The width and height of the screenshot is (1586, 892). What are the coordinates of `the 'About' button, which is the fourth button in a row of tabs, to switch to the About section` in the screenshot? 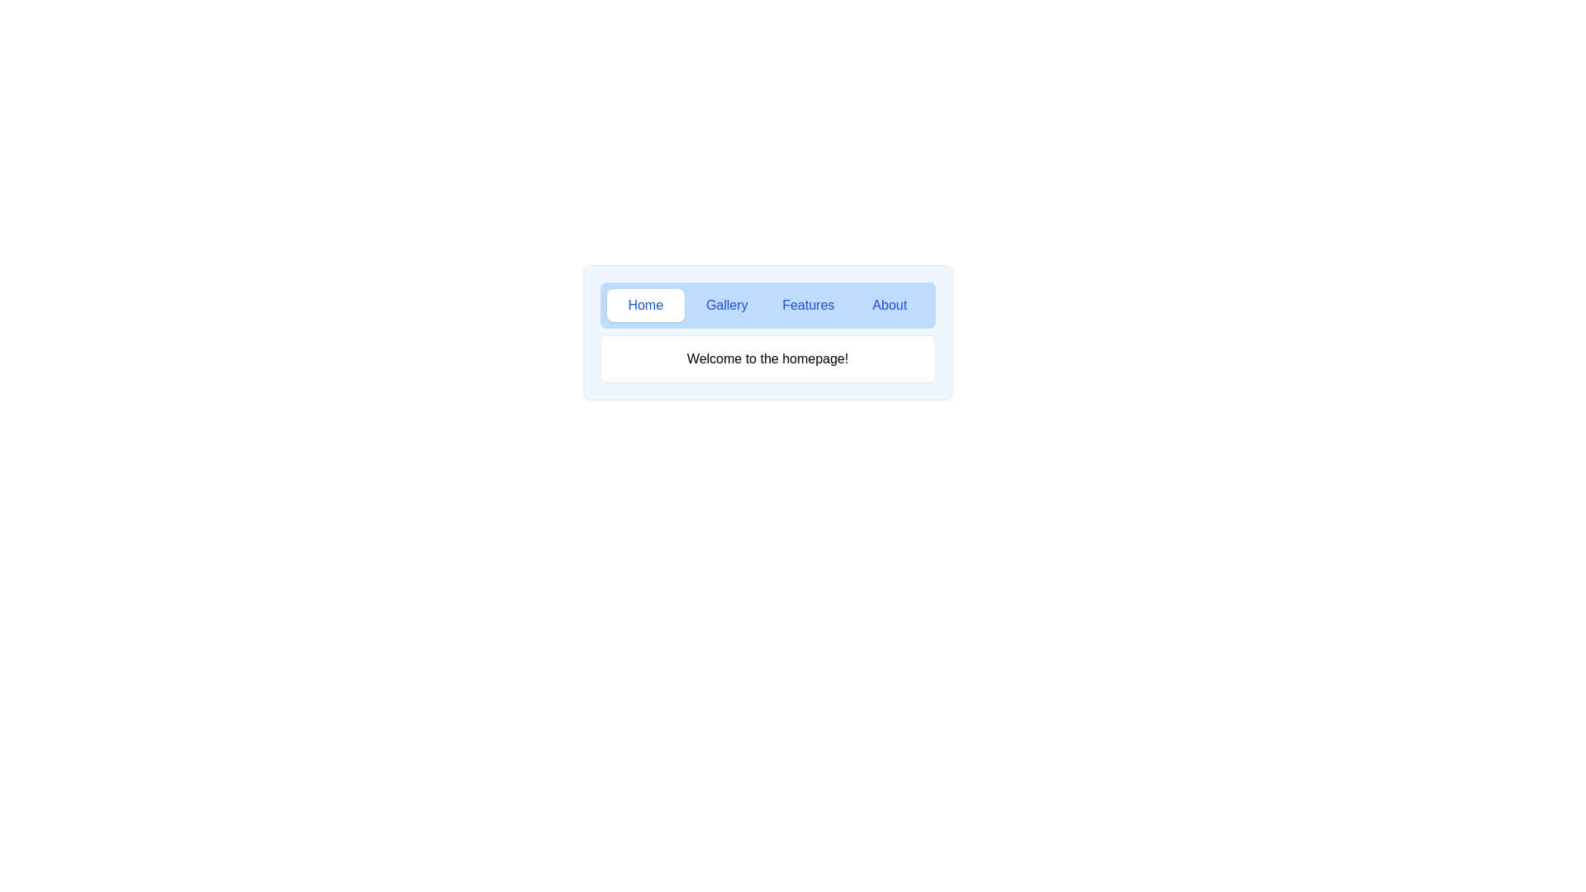 It's located at (889, 306).